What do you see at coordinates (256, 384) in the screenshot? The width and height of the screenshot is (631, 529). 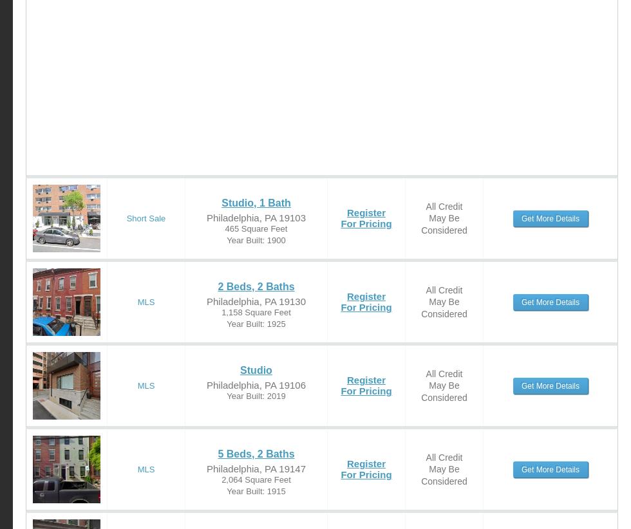 I see `'Philadelphia, PA 19106'` at bounding box center [256, 384].